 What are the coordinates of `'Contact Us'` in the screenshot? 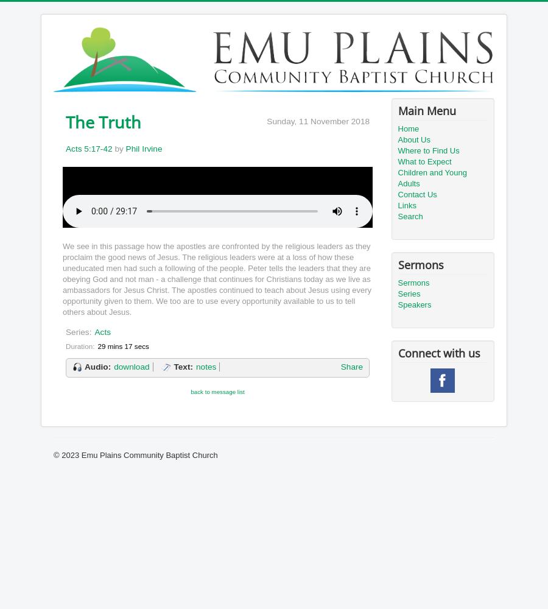 It's located at (416, 194).